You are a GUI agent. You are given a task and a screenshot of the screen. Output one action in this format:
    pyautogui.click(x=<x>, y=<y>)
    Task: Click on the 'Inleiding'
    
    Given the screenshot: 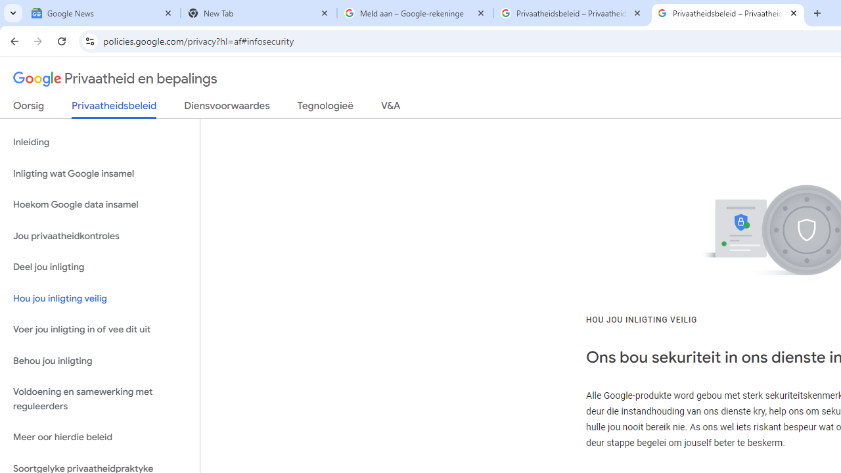 What is the action you would take?
    pyautogui.click(x=99, y=143)
    